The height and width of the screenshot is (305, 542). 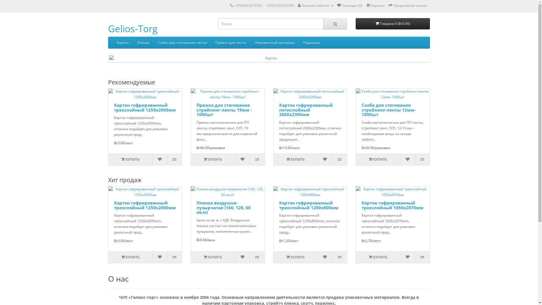 What do you see at coordinates (132, 29) in the screenshot?
I see `'Gelios-Torg'` at bounding box center [132, 29].